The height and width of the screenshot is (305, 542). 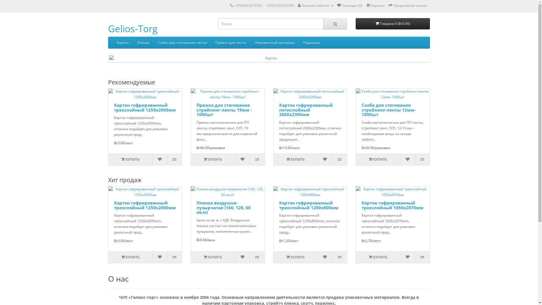 What do you see at coordinates (132, 29) in the screenshot?
I see `'Gelios-Torg'` at bounding box center [132, 29].